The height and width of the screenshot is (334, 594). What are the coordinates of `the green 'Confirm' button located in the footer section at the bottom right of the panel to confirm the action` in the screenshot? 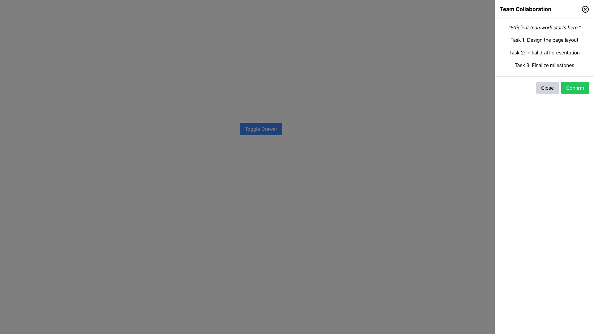 It's located at (575, 88).